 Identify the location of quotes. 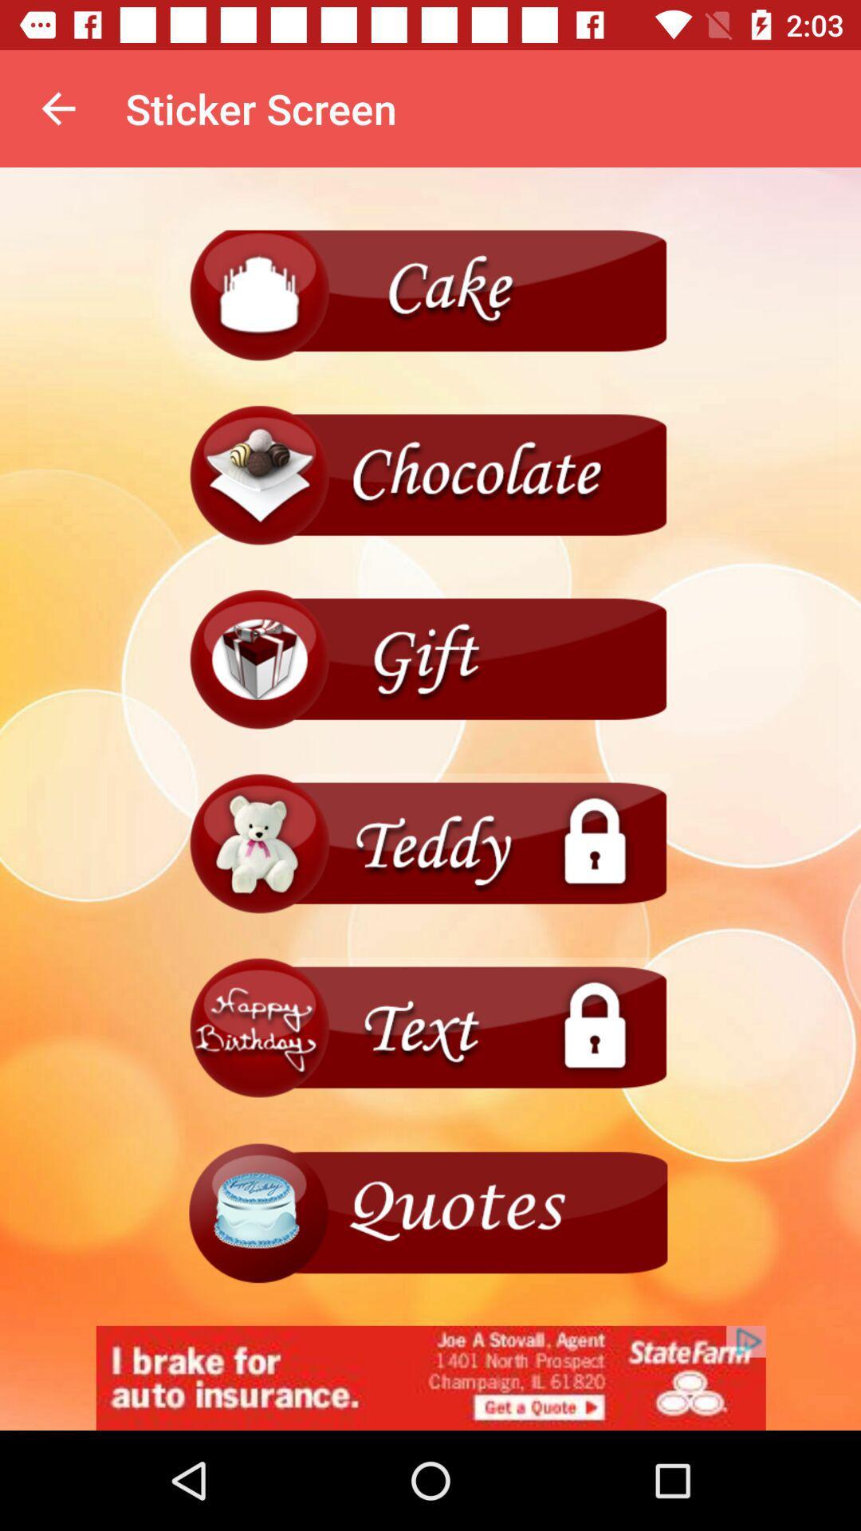
(431, 1212).